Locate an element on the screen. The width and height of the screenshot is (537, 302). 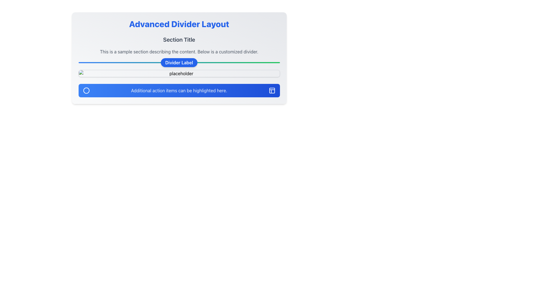
the circular icon styled as a white stroked circle with an empty center, which is positioned inside a blue button at the lower part of the card layout is located at coordinates (86, 90).